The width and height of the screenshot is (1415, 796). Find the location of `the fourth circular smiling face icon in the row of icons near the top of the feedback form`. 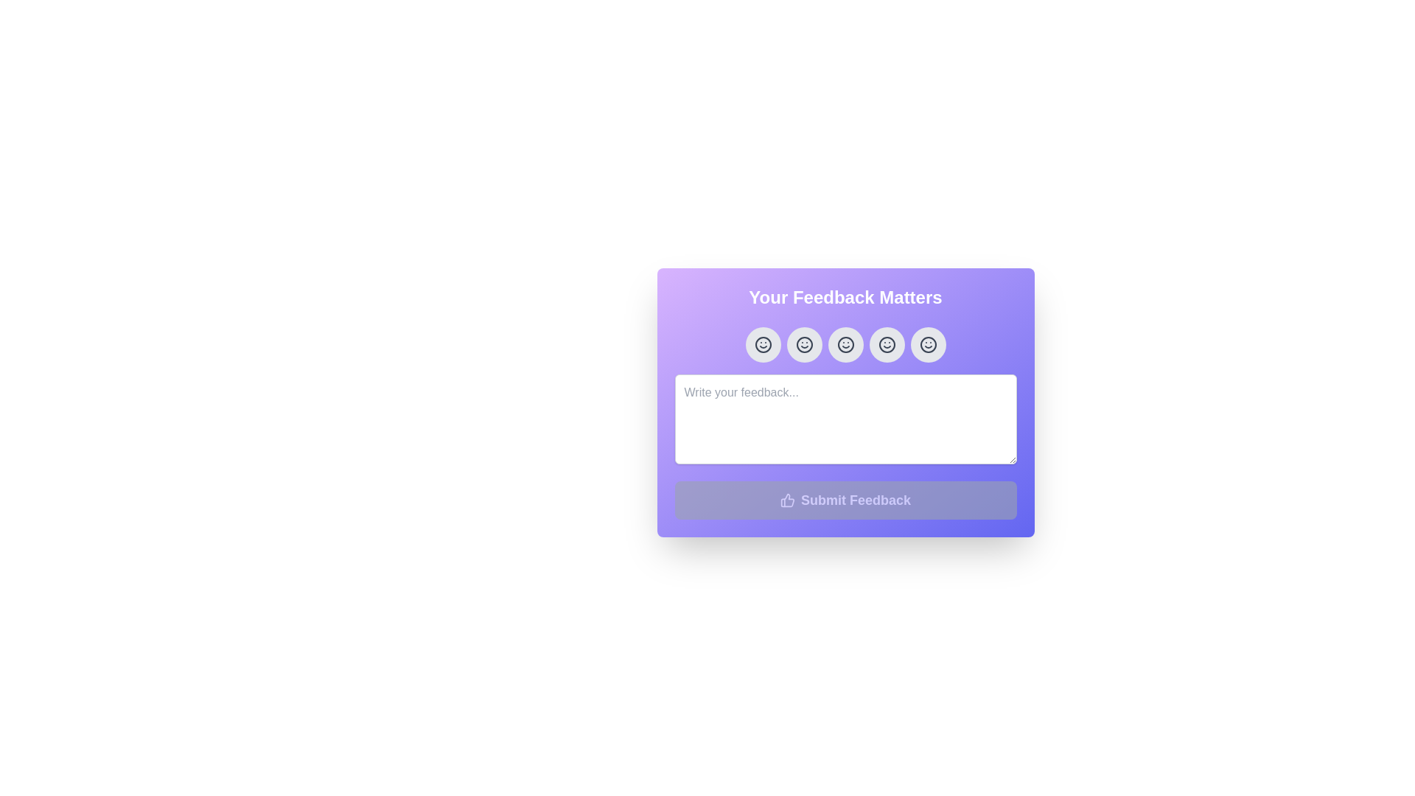

the fourth circular smiling face icon in the row of icons near the top of the feedback form is located at coordinates (886, 344).